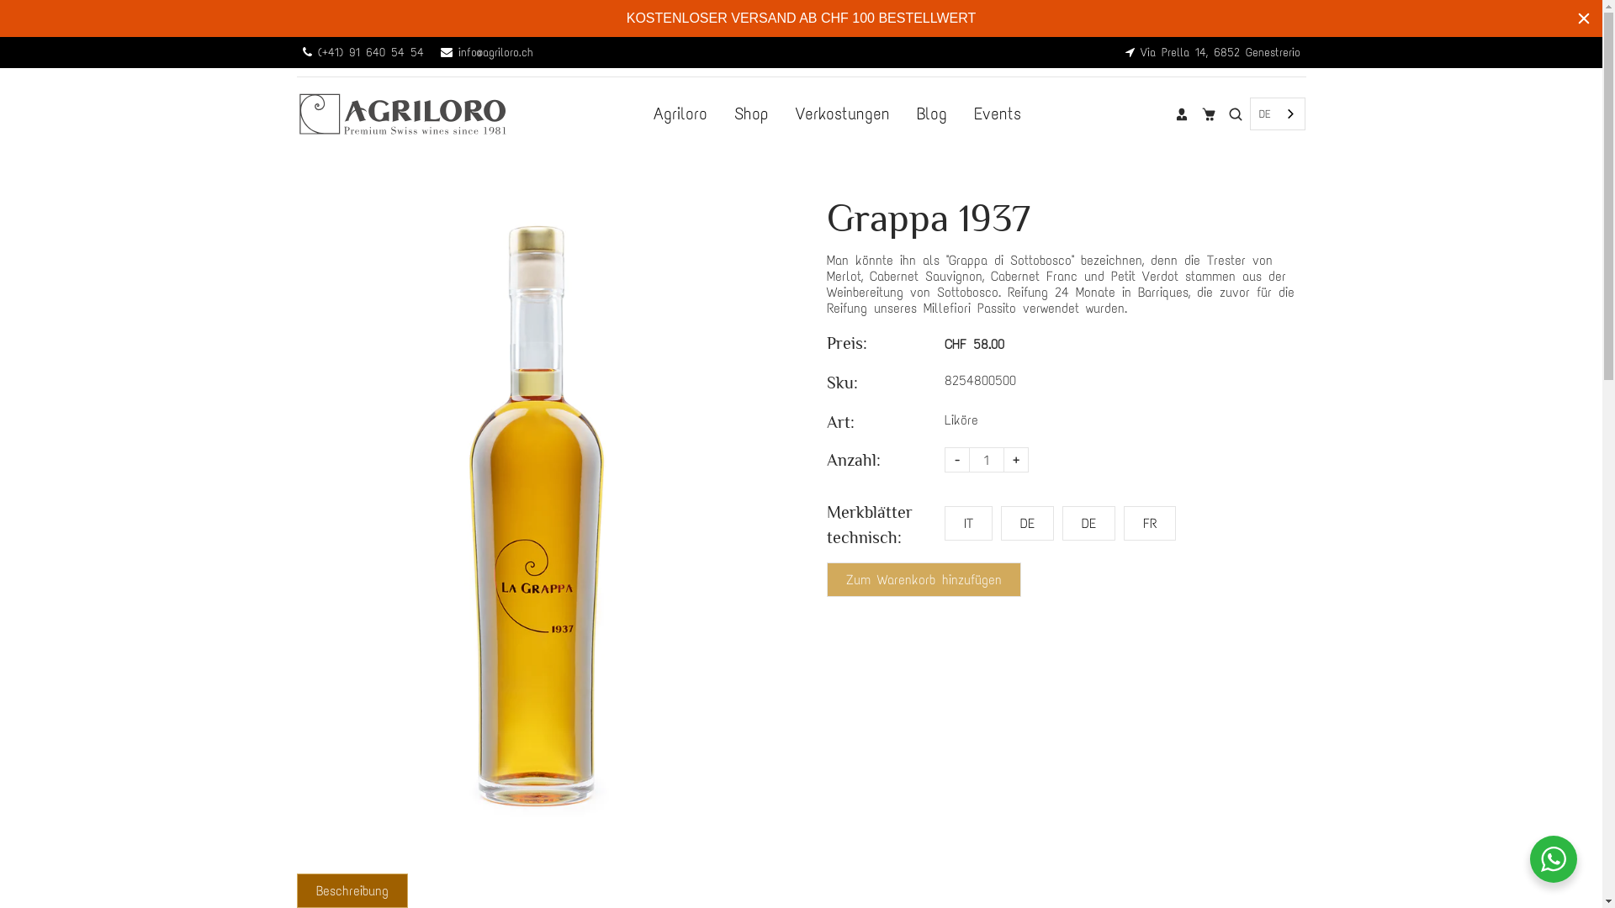 This screenshot has width=1615, height=908. What do you see at coordinates (967, 522) in the screenshot?
I see `'IT'` at bounding box center [967, 522].